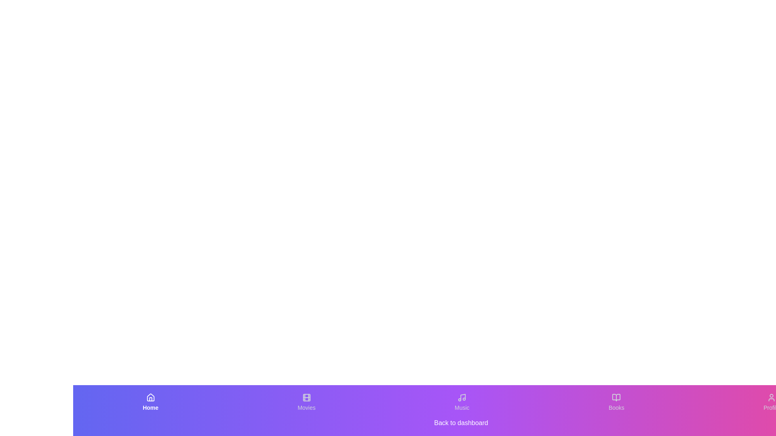  I want to click on the Movies tab from the navigation bar, so click(306, 402).